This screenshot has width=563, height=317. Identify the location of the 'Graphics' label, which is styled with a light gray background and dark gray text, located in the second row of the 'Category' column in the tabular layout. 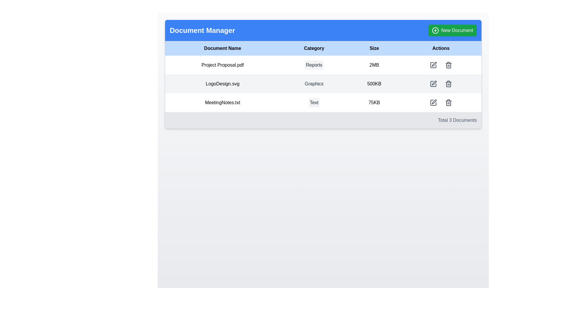
(314, 84).